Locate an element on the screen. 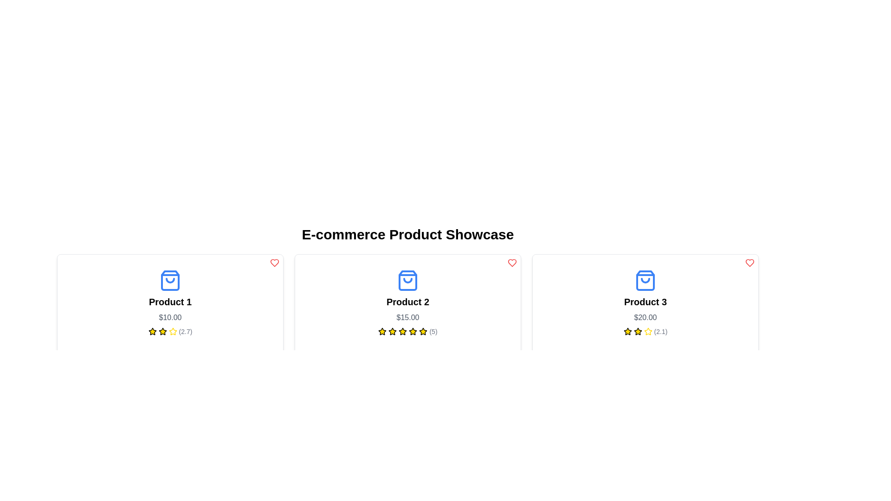 The image size is (891, 501). the second star in the rating section for 'Product 3' is located at coordinates (637, 331).